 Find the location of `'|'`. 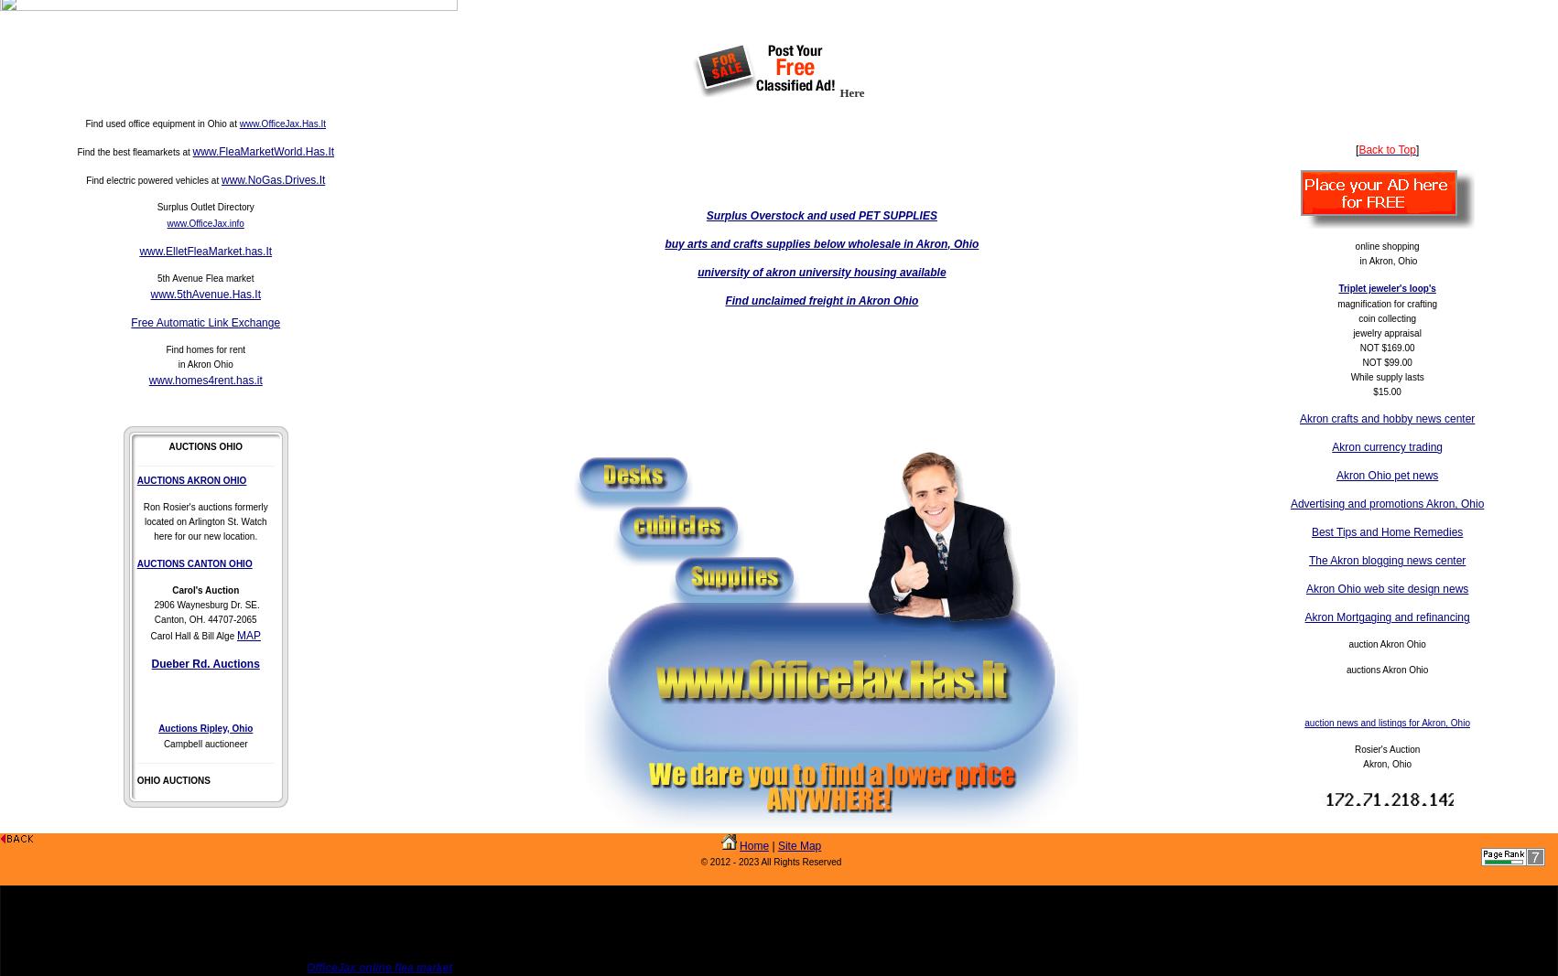

'|' is located at coordinates (772, 845).